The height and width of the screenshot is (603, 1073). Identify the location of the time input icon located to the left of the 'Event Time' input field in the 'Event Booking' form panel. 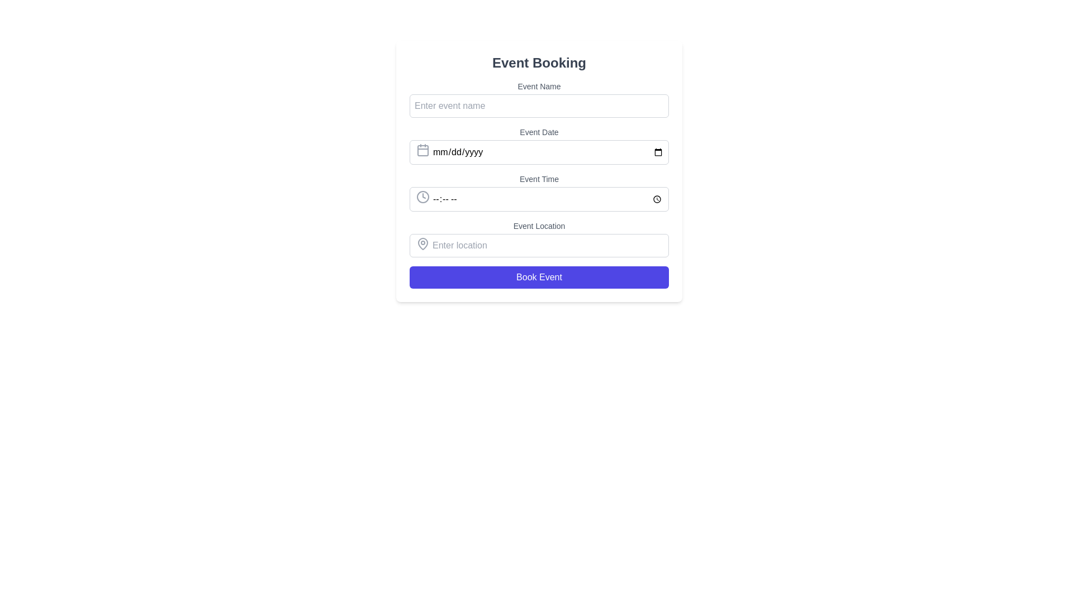
(422, 197).